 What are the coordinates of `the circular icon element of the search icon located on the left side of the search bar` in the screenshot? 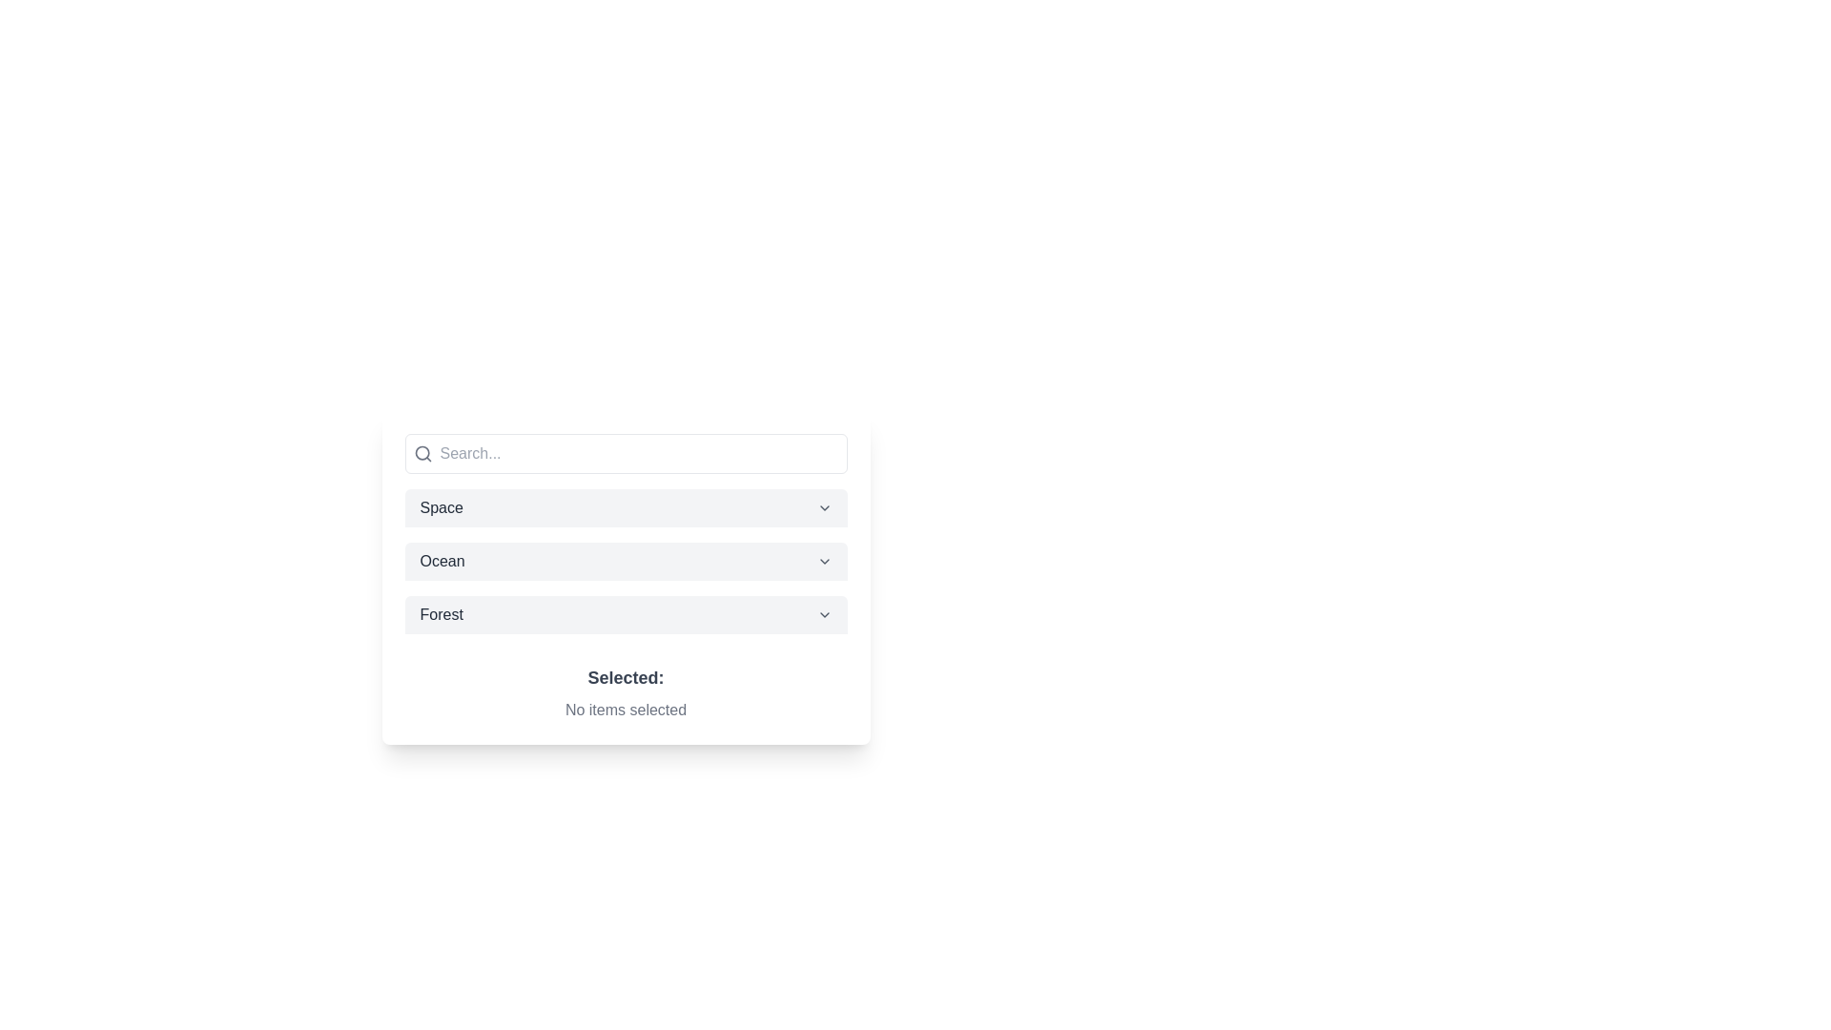 It's located at (421, 453).